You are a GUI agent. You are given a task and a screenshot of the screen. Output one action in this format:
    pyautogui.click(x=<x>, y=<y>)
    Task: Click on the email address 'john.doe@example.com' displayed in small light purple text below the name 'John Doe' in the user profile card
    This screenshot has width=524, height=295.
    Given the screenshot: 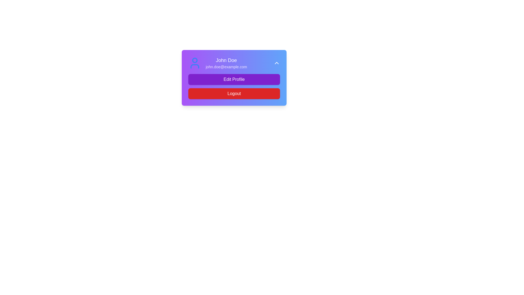 What is the action you would take?
    pyautogui.click(x=226, y=67)
    